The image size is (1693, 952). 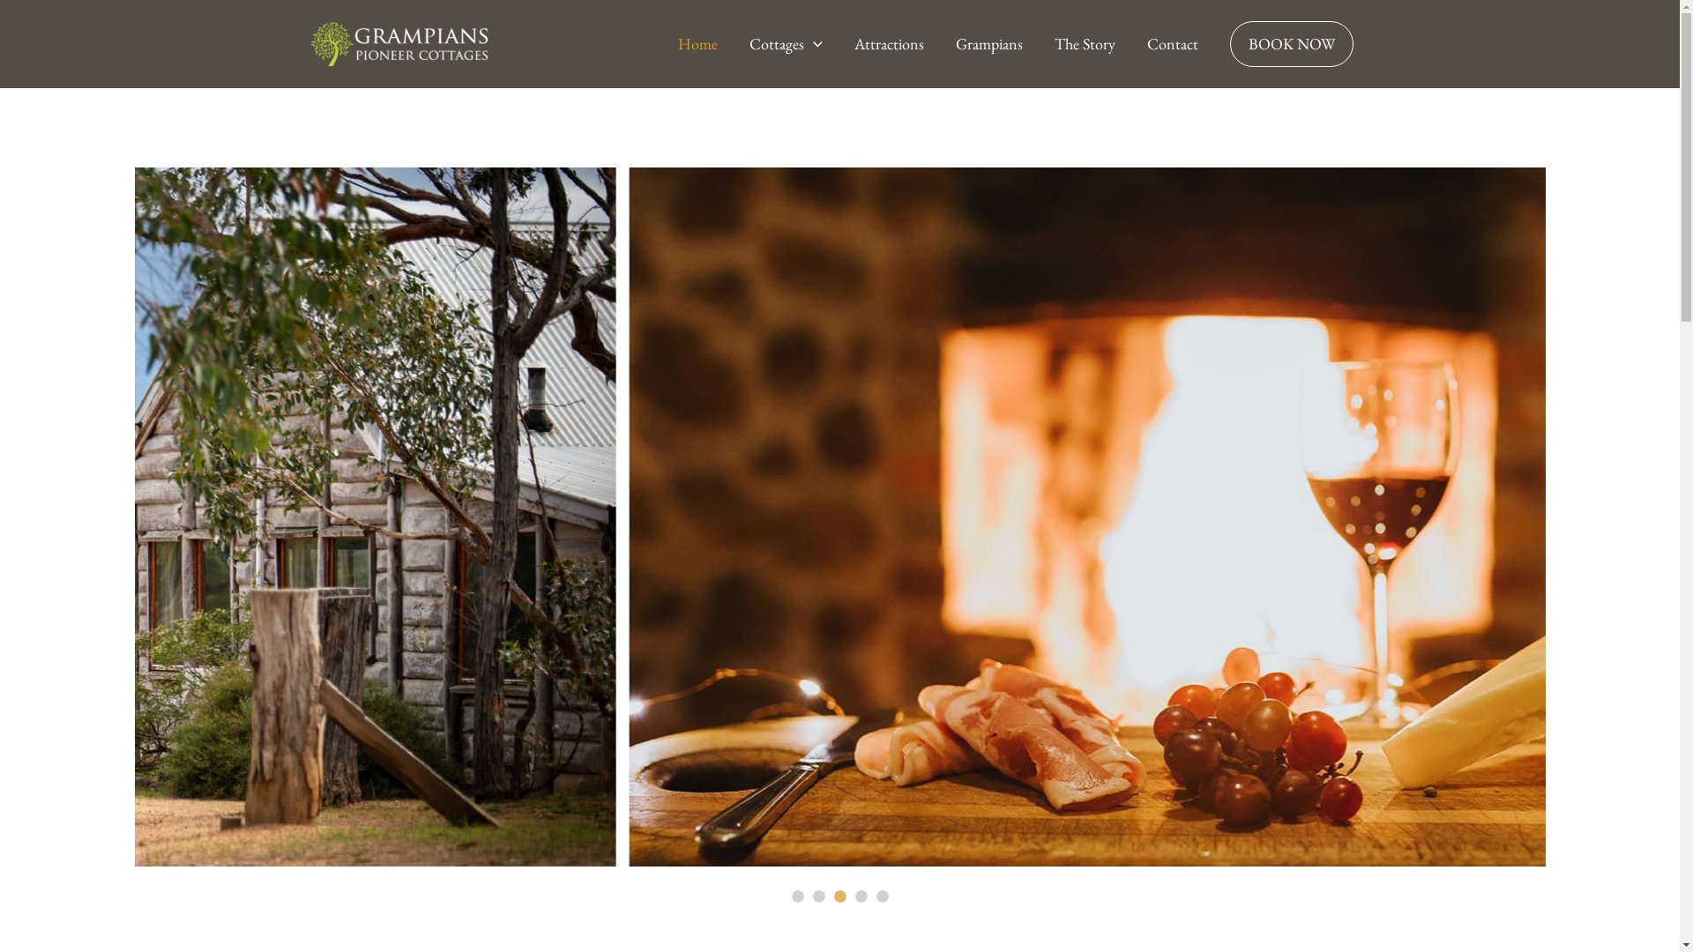 I want to click on '2', so click(x=817, y=897).